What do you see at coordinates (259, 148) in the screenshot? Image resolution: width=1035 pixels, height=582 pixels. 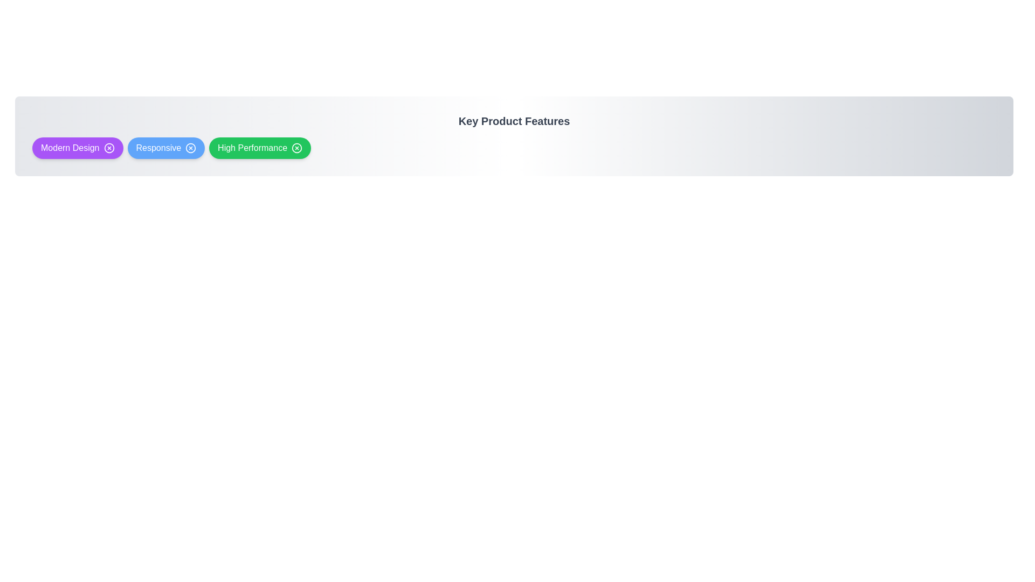 I see `the feature chip labeled High Performance` at bounding box center [259, 148].